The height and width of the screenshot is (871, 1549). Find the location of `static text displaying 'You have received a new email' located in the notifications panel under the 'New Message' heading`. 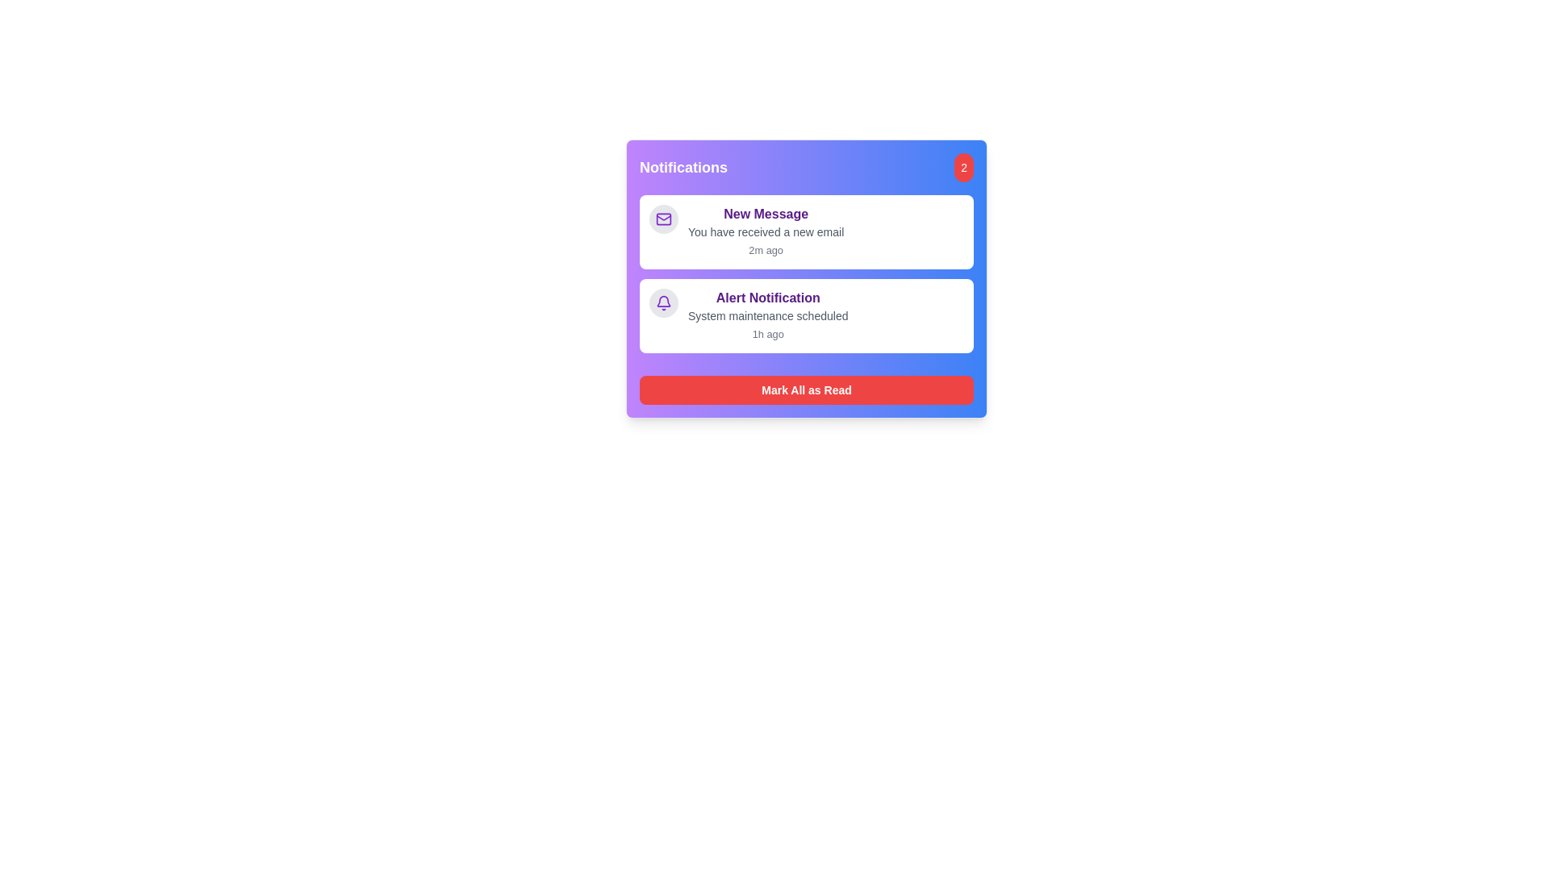

static text displaying 'You have received a new email' located in the notifications panel under the 'New Message' heading is located at coordinates (765, 232).